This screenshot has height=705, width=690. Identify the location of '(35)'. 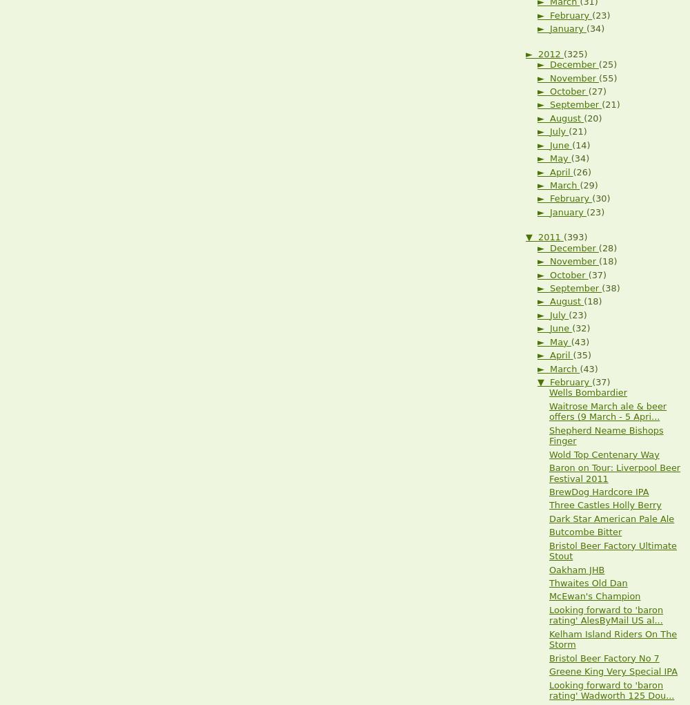
(581, 355).